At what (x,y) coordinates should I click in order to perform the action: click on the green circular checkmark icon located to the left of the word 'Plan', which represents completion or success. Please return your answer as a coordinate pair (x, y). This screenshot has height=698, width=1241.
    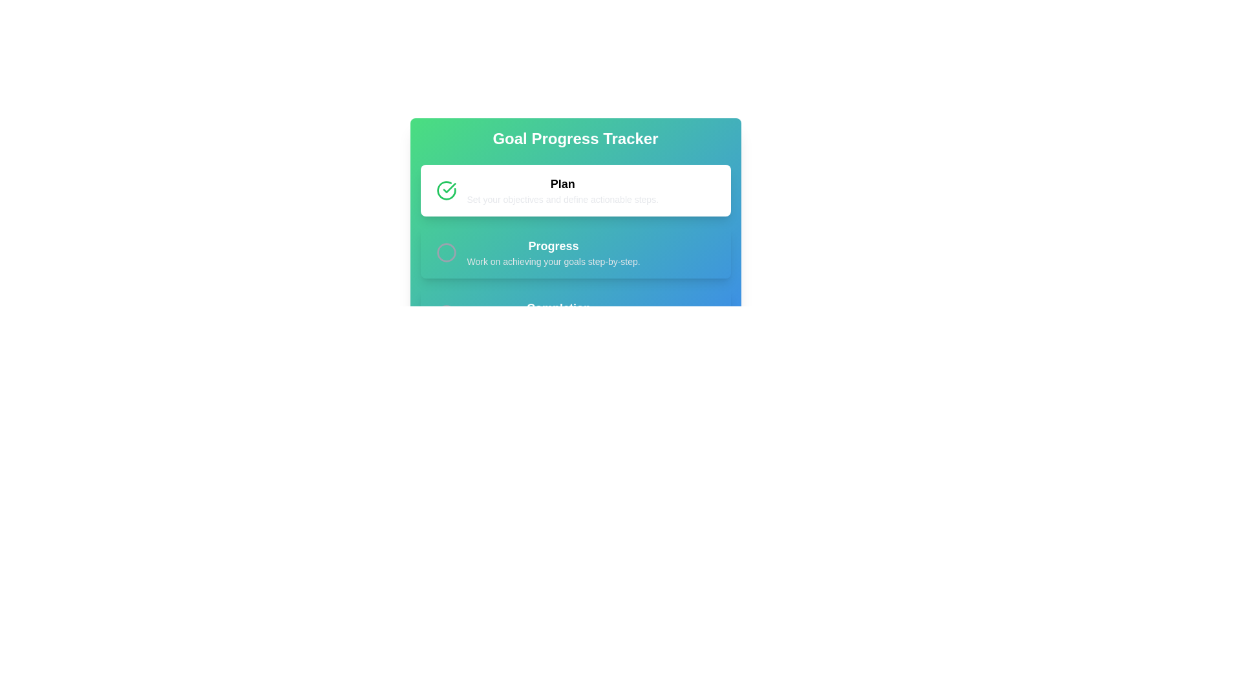
    Looking at the image, I should click on (446, 190).